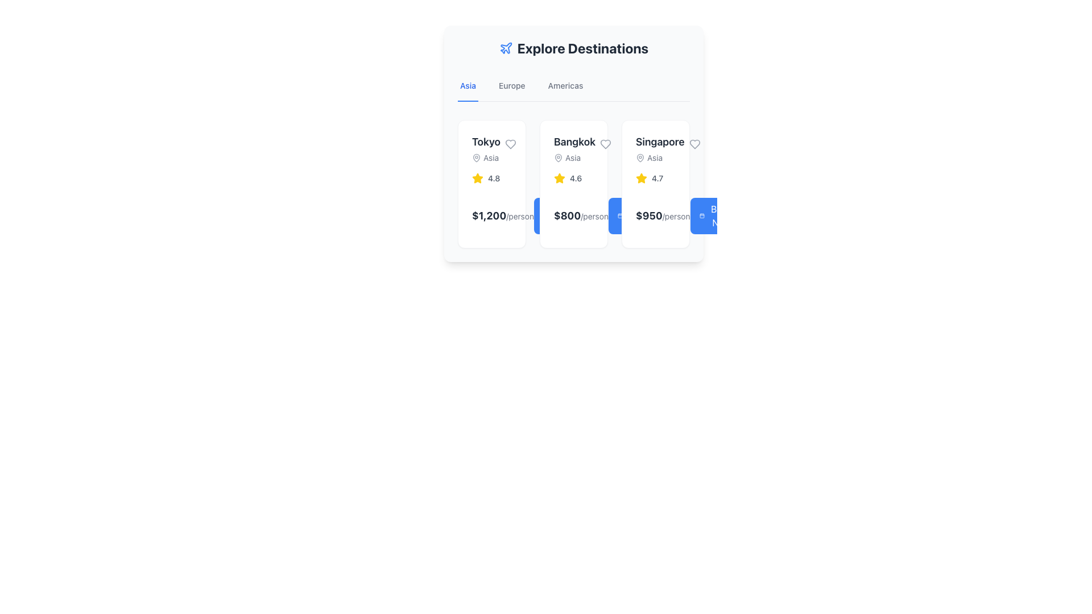  Describe the element at coordinates (574, 142) in the screenshot. I see `the text label displaying 'Bangkok', which is the heading for the second card in a horizontal list` at that location.